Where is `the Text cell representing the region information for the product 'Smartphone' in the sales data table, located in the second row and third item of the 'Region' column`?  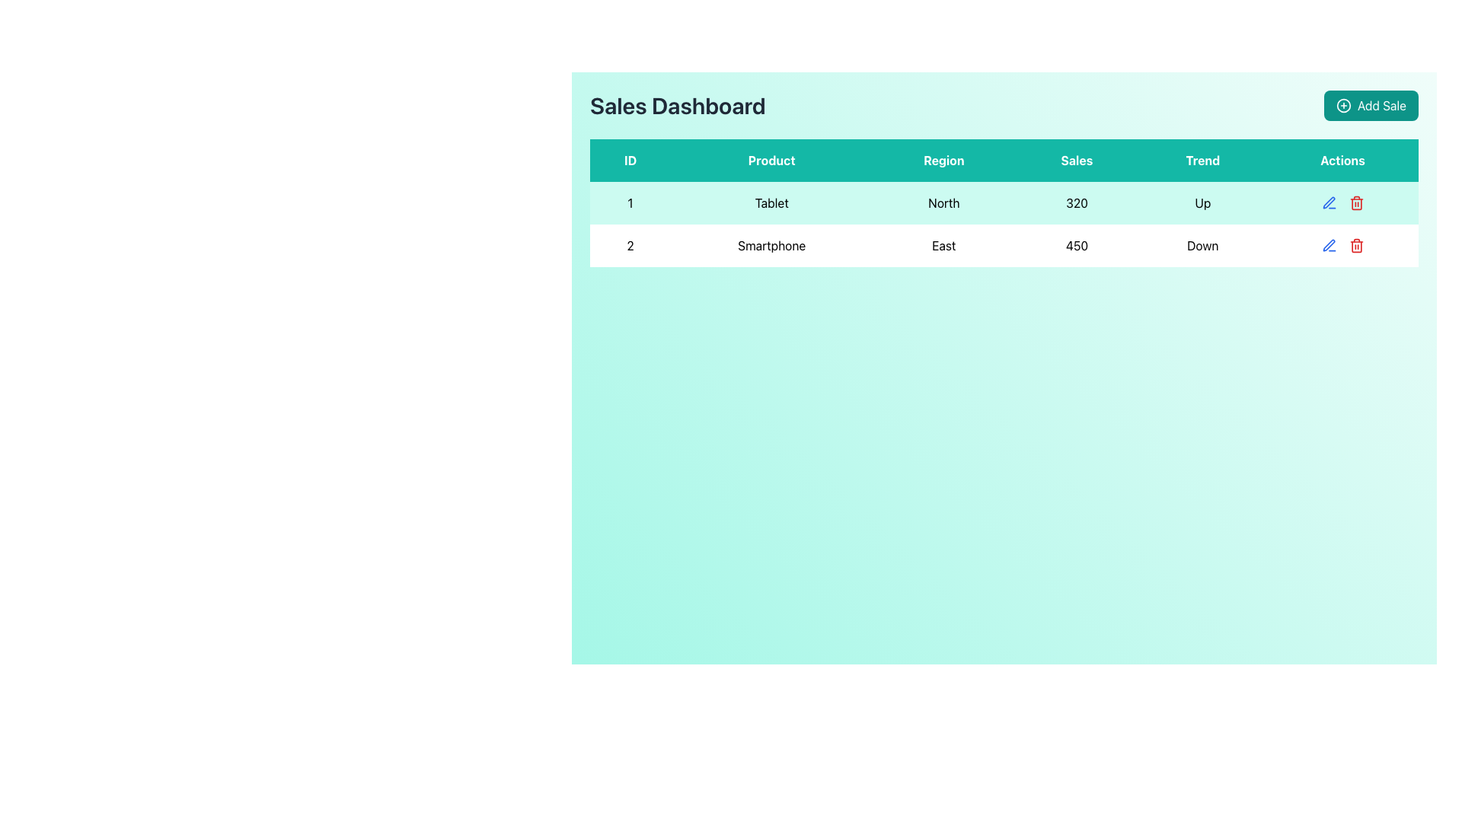
the Text cell representing the region information for the product 'Smartphone' in the sales data table, located in the second row and third item of the 'Region' column is located at coordinates (943, 245).